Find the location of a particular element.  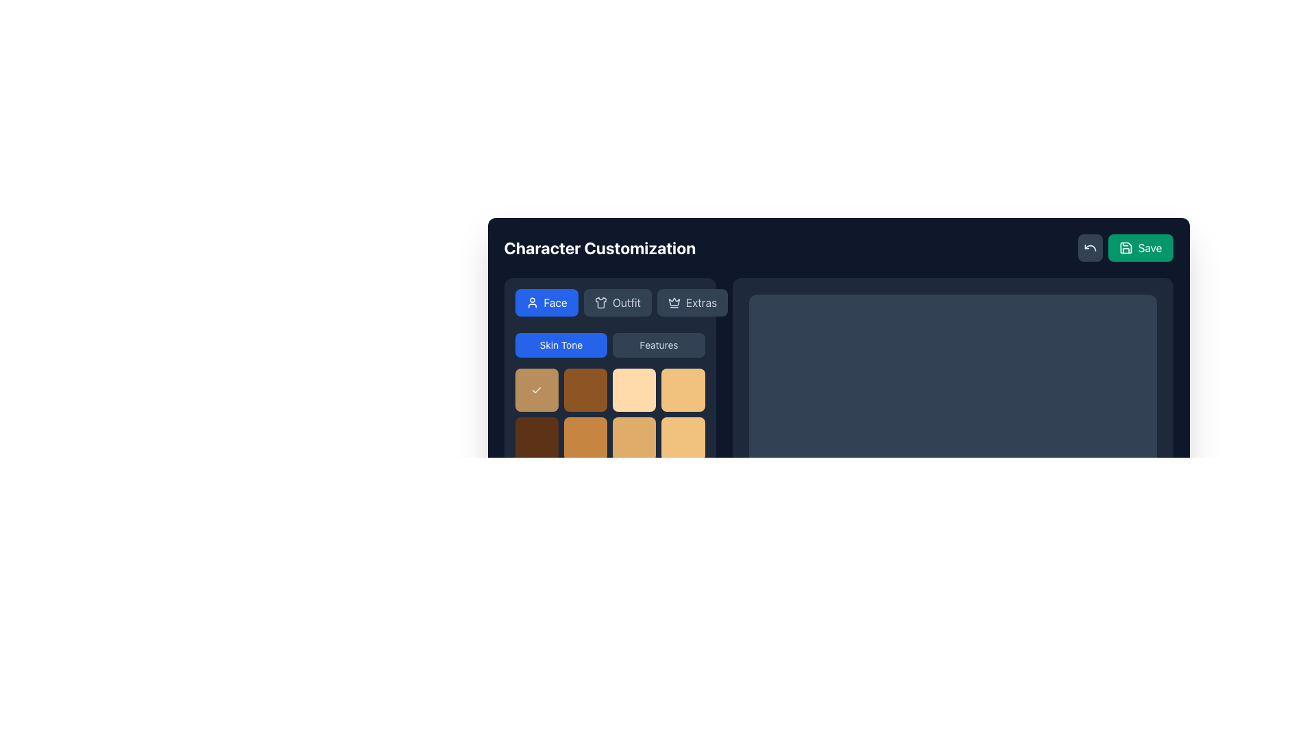

the save icon located within the 'Save' button at the top-right corner of the interface, positioned to the left of the 'Save' text is located at coordinates (1125, 248).